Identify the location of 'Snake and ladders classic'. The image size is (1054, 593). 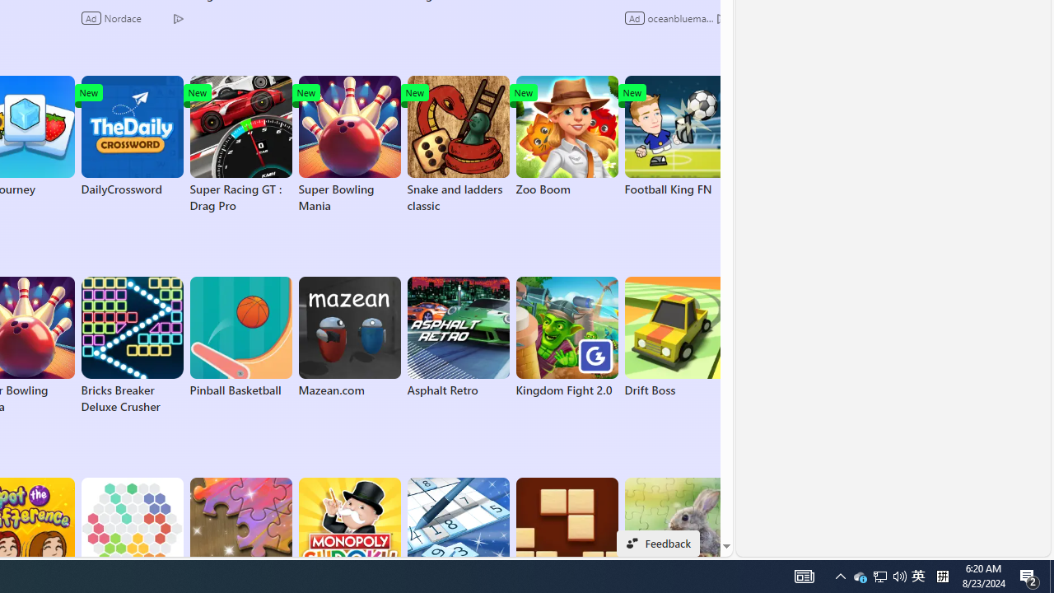
(458, 144).